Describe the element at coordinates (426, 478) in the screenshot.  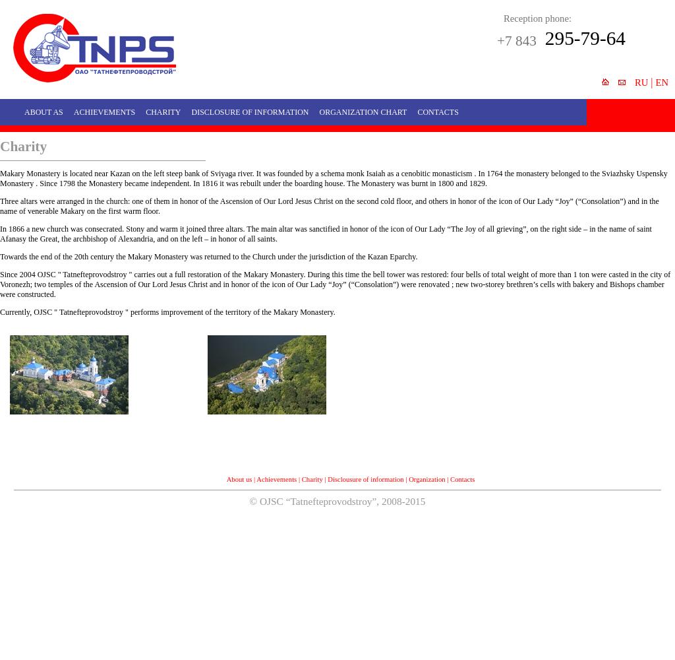
I see `'Organization'` at that location.